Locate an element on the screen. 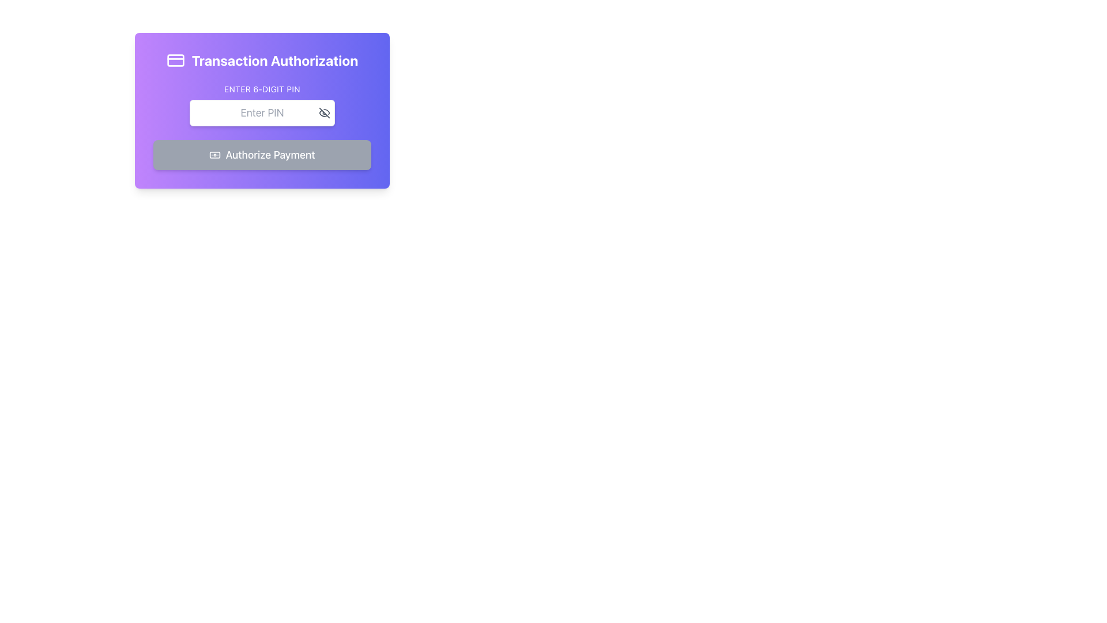  the purple rectangle icon located to the left of the 'Transaction Authorization' text in the header is located at coordinates (175, 60).